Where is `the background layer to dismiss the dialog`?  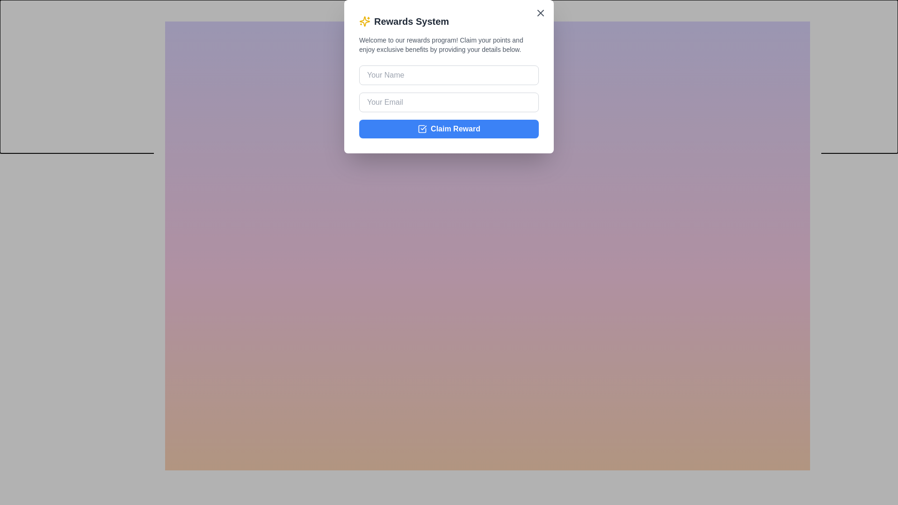
the background layer to dismiss the dialog is located at coordinates (359, 239).